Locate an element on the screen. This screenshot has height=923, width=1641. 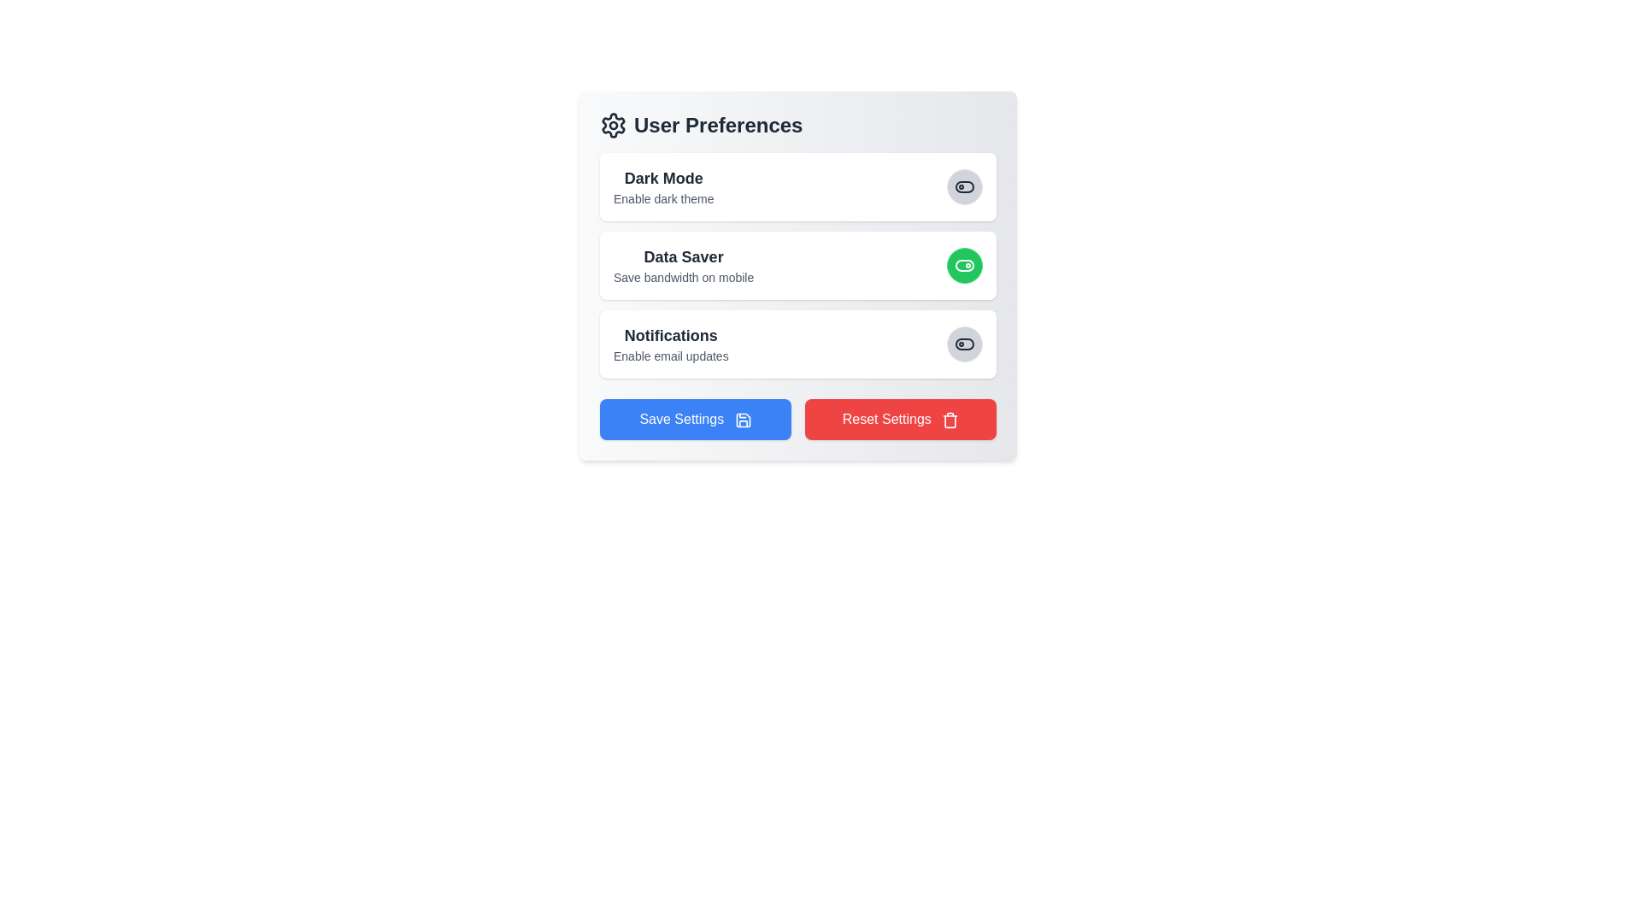
the 'Reset Settings' button to revert changes is located at coordinates (900, 419).